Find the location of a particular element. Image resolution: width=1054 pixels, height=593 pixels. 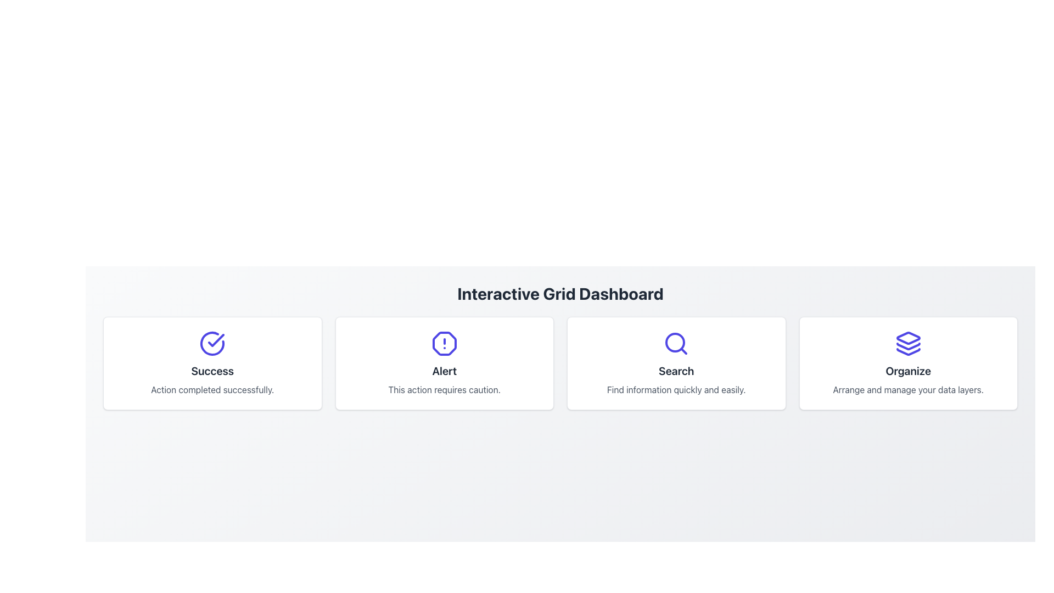

the static text element that reads 'Arrange and manage your data layers.' which is styled in gray color and located below the 'Organize' title in the fourth column of the grid is located at coordinates (908, 389).